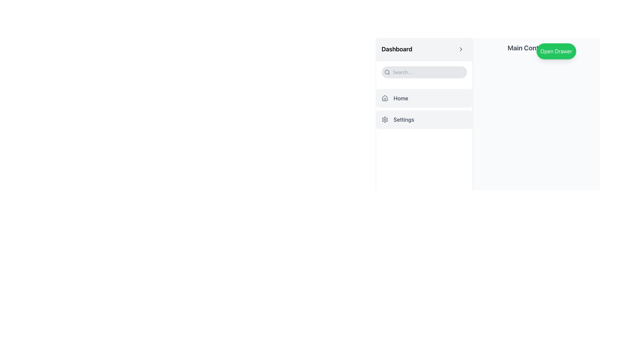 This screenshot has height=360, width=641. I want to click on the 'Home' icon in the sidebar menu, so click(385, 98).